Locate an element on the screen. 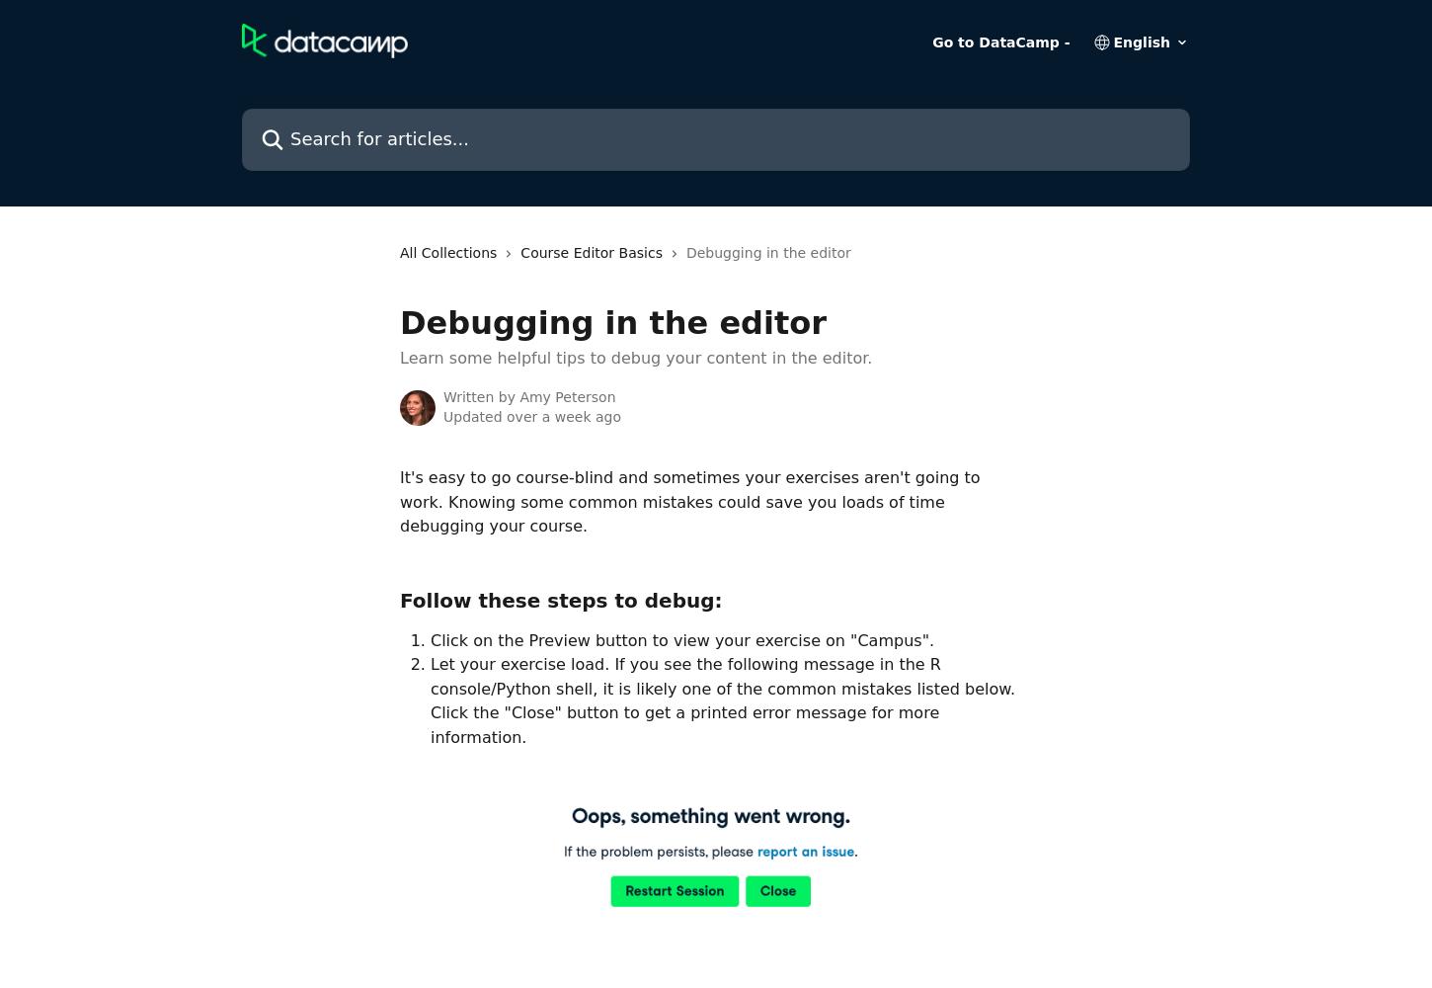  'Written by' is located at coordinates (481, 397).